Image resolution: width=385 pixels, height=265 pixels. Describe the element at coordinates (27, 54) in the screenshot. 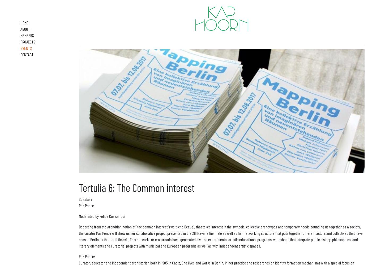

I see `'Contact'` at that location.